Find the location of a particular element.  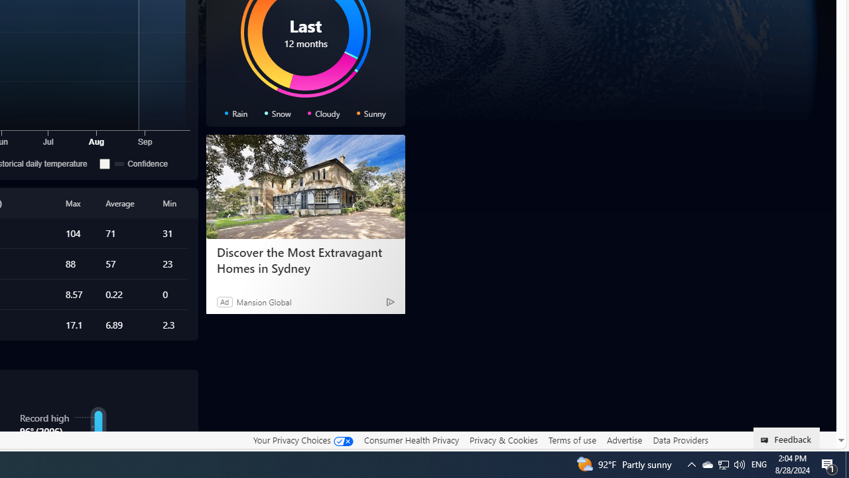

'Advertise' is located at coordinates (623, 440).